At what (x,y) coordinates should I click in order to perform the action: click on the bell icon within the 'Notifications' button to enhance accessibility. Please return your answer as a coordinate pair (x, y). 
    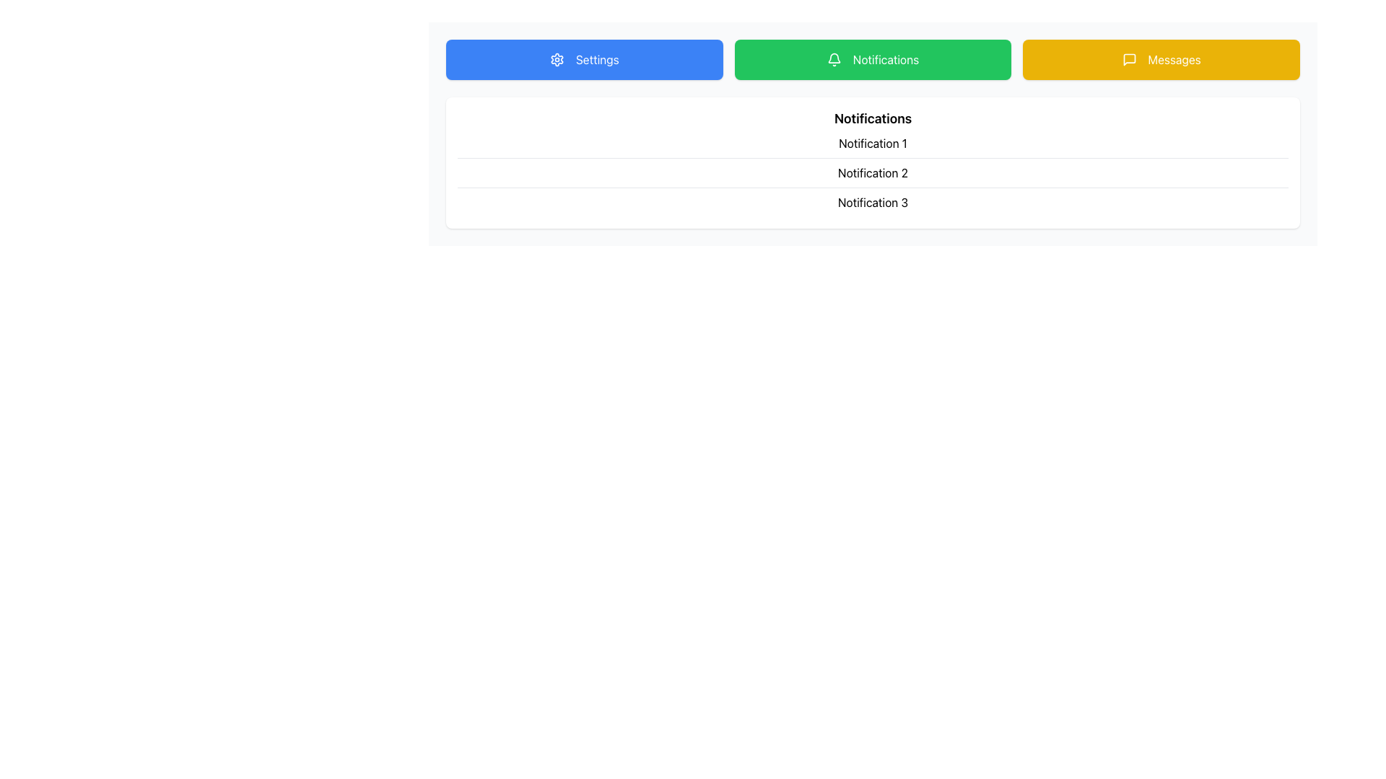
    Looking at the image, I should click on (834, 59).